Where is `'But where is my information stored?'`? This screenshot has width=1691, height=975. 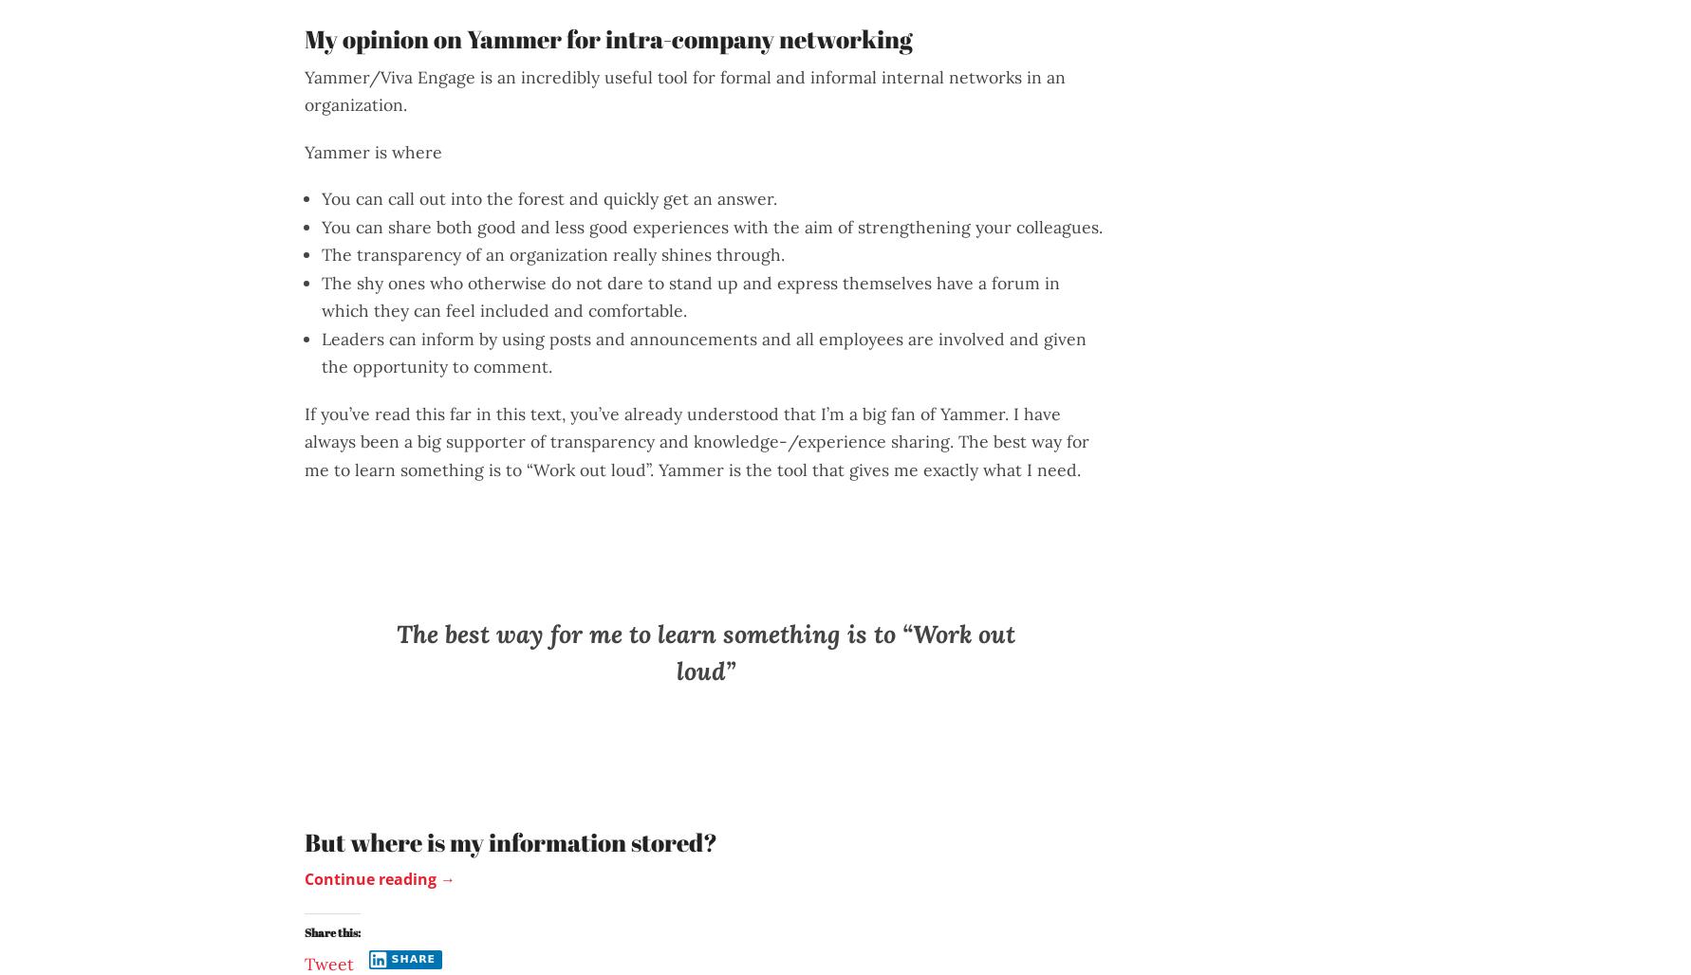
'But where is my information stored?' is located at coordinates (511, 840).